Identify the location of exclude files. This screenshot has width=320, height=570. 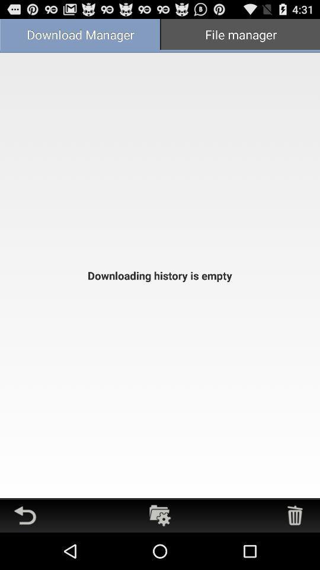
(294, 515).